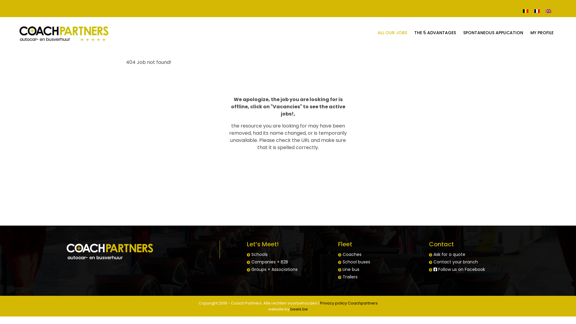  Describe the element at coordinates (542, 32) in the screenshot. I see `'MY PROFILE'` at that location.